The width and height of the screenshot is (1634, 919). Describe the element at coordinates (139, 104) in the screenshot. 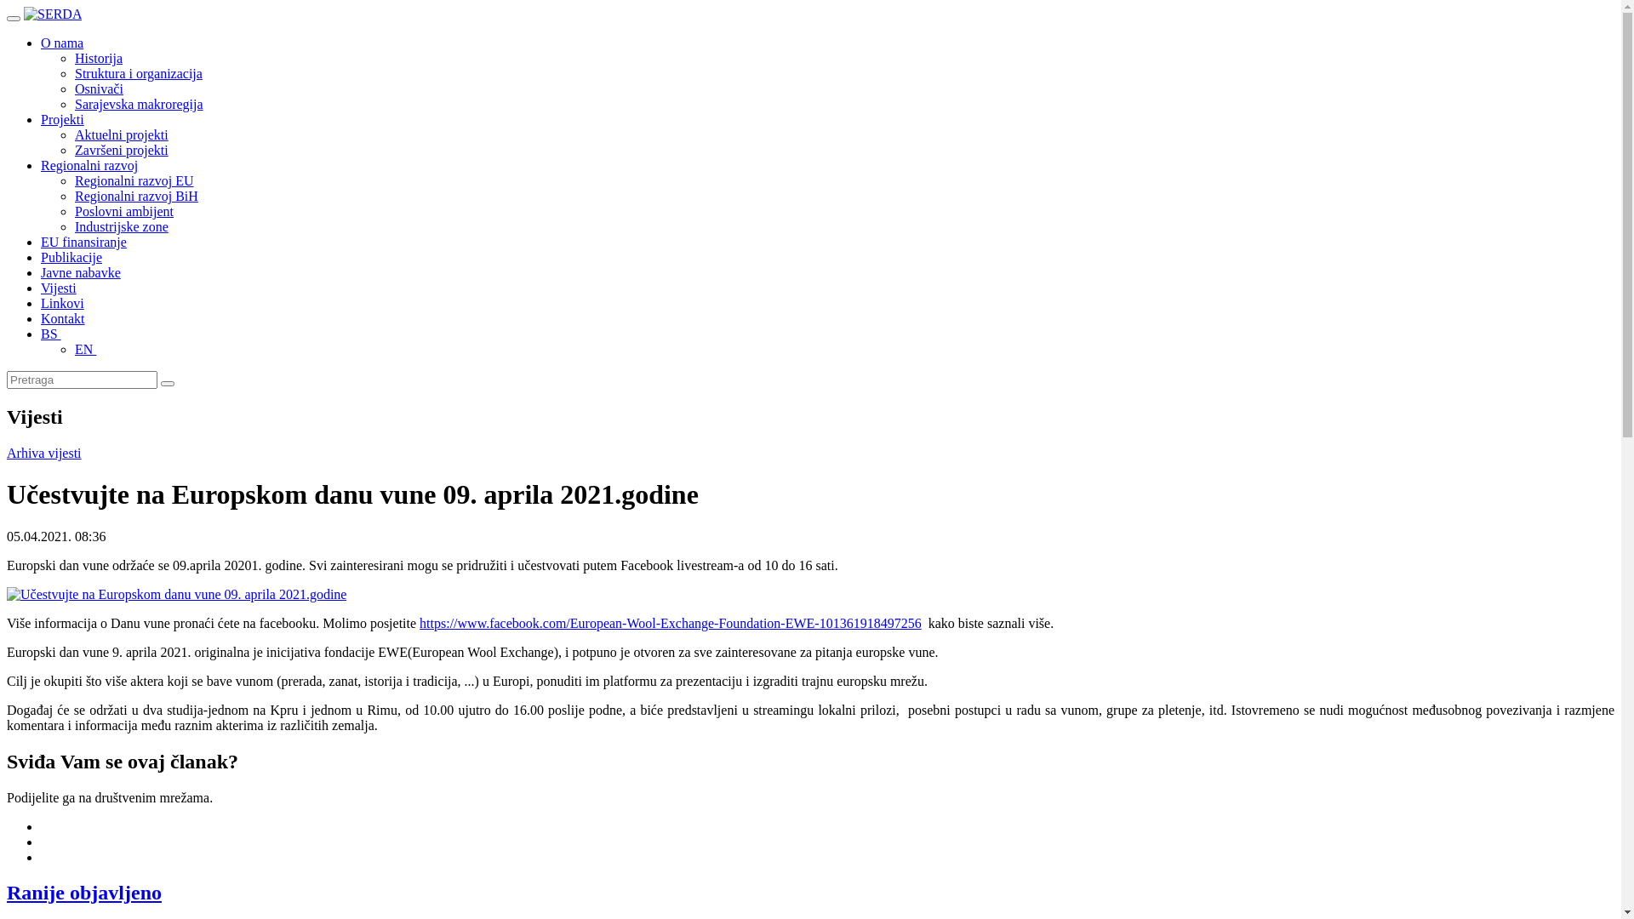

I see `'Sarajevska makroregija'` at that location.